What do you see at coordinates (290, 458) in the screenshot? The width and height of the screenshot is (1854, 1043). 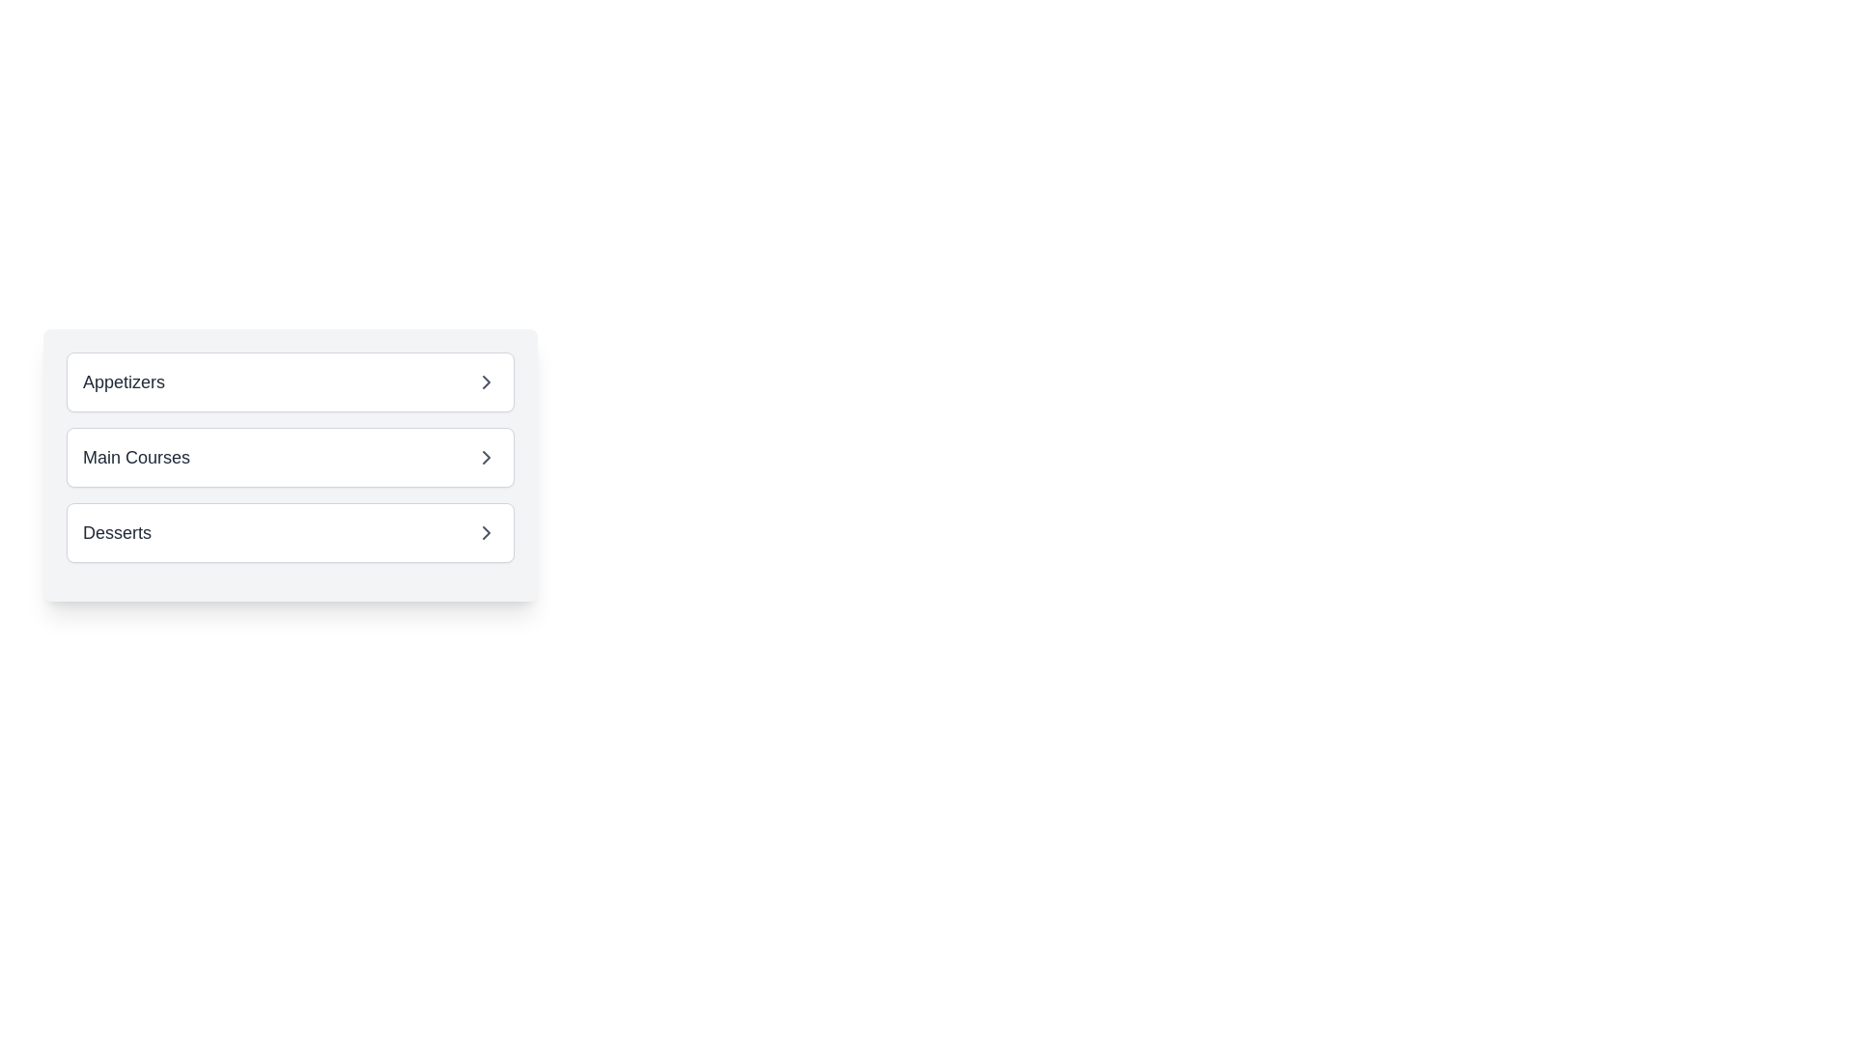 I see `the 'Main Courses' button, the second item in the vertical list of selectable categories` at bounding box center [290, 458].